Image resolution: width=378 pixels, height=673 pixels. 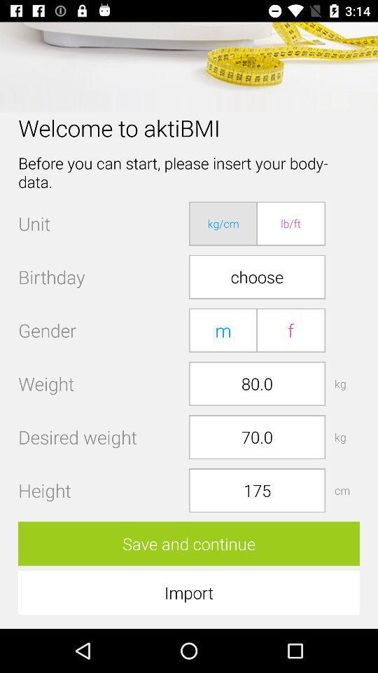 What do you see at coordinates (256, 276) in the screenshot?
I see `the button above the m item` at bounding box center [256, 276].